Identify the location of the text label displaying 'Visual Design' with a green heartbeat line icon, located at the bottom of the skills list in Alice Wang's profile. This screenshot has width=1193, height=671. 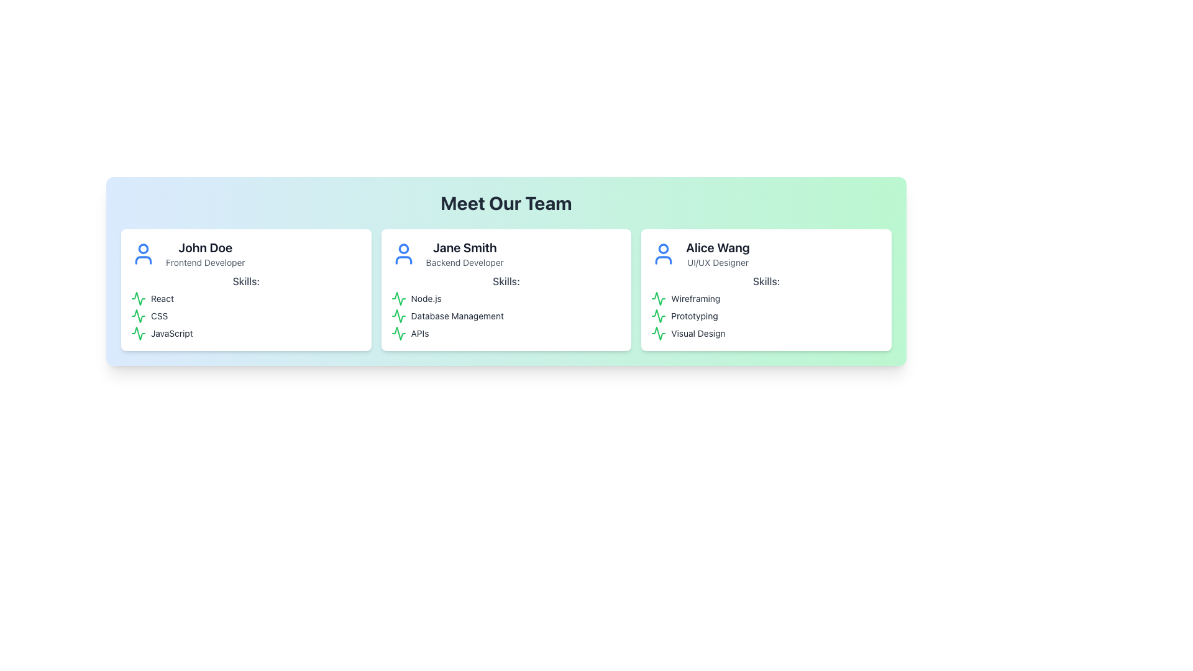
(766, 332).